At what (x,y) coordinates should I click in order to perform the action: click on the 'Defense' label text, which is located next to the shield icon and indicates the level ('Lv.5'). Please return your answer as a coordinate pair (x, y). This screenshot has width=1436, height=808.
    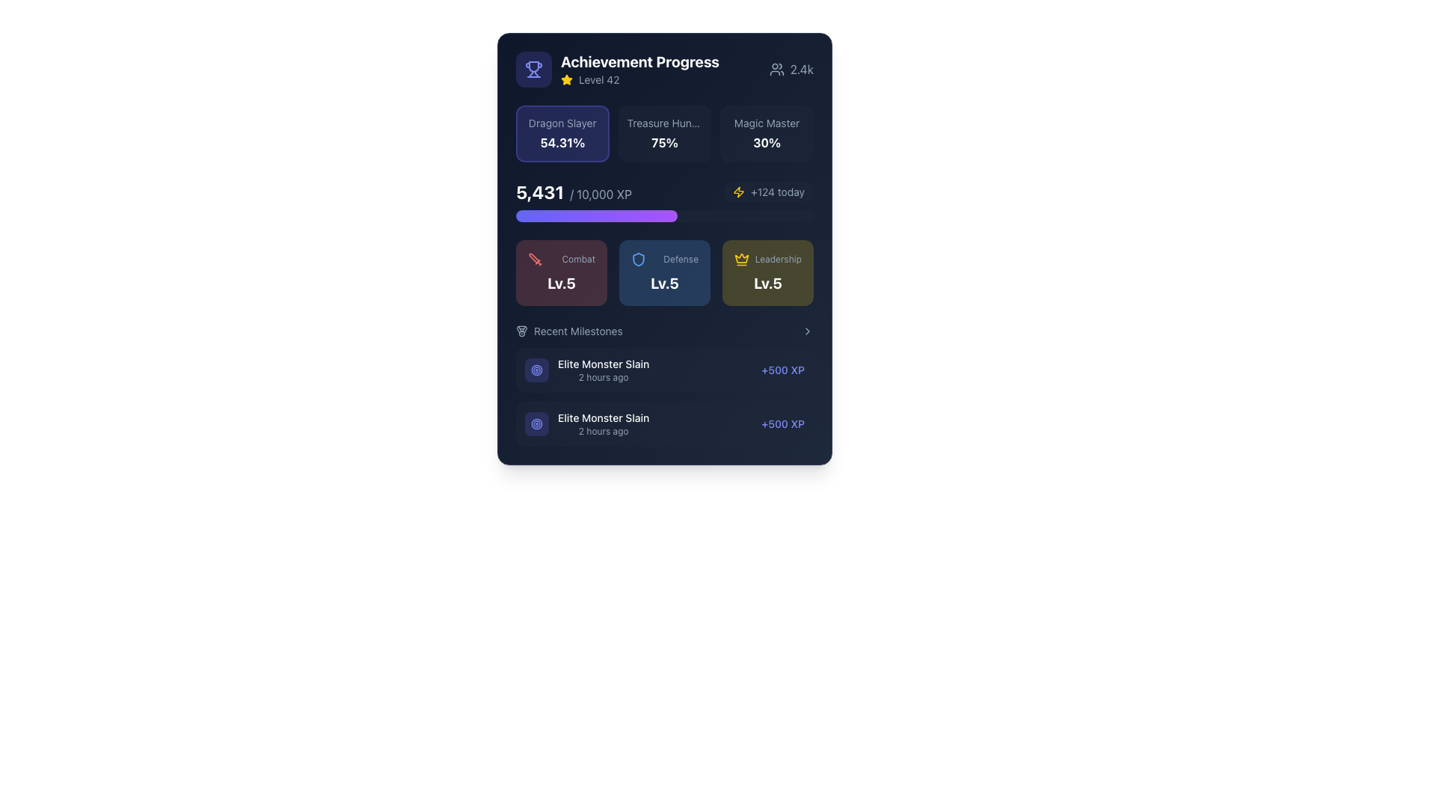
    Looking at the image, I should click on (663, 259).